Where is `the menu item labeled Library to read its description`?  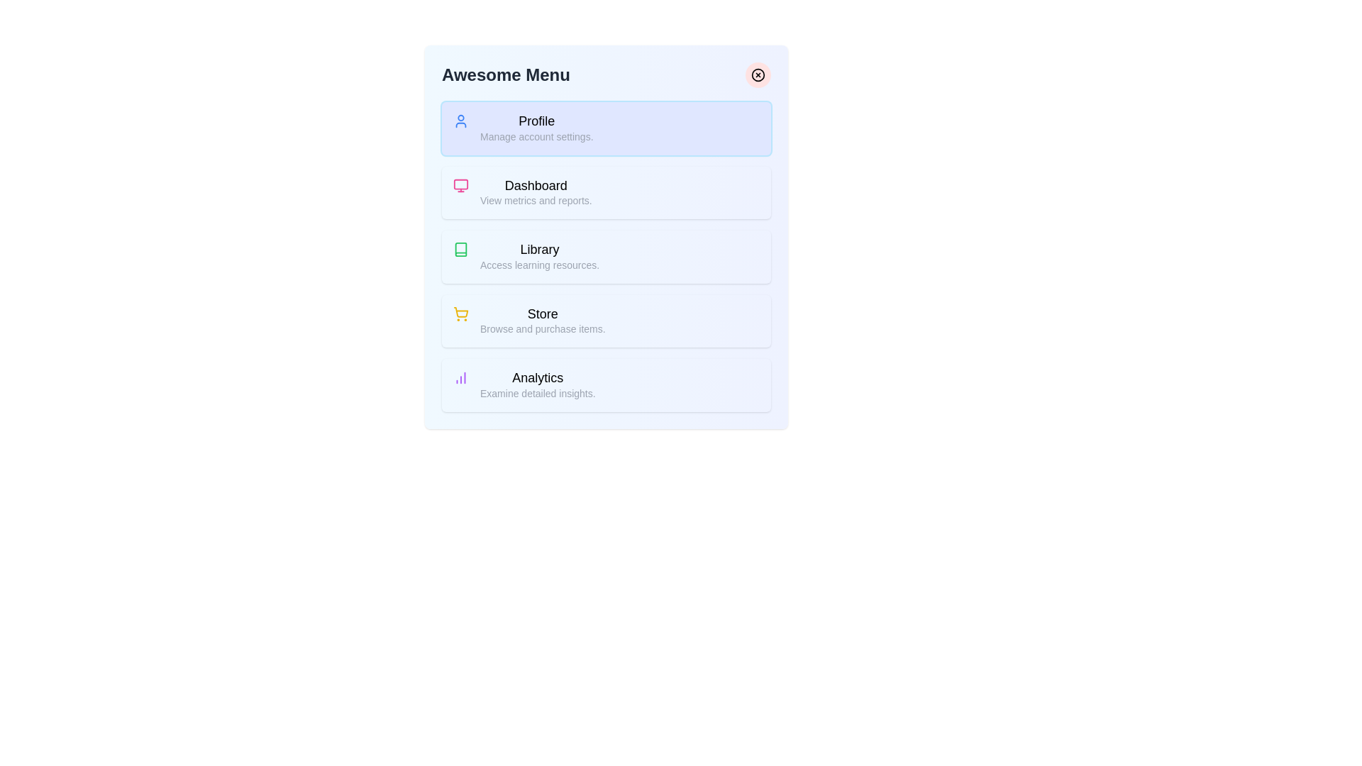 the menu item labeled Library to read its description is located at coordinates (531, 254).